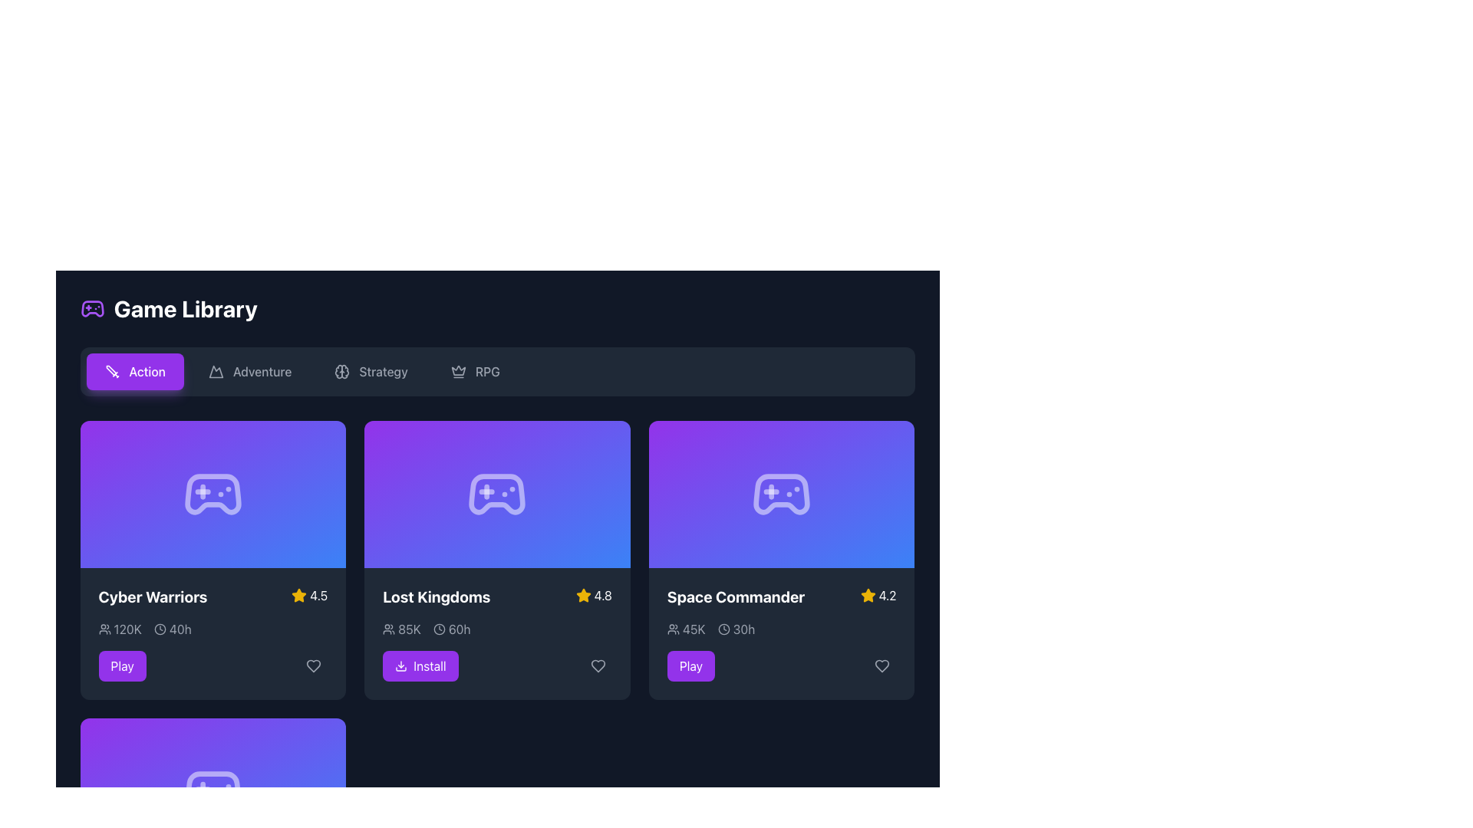 The width and height of the screenshot is (1473, 828). I want to click on the clock icon followed by the text '30h' in the 'Space Commander' section of the game cards, so click(736, 629).